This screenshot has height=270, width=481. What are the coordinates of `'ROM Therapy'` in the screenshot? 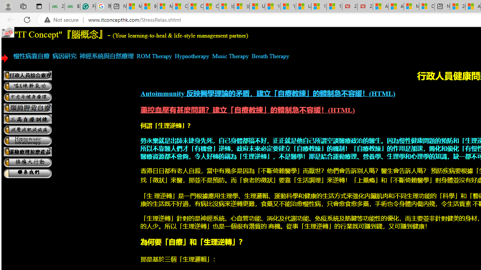 It's located at (154, 55).